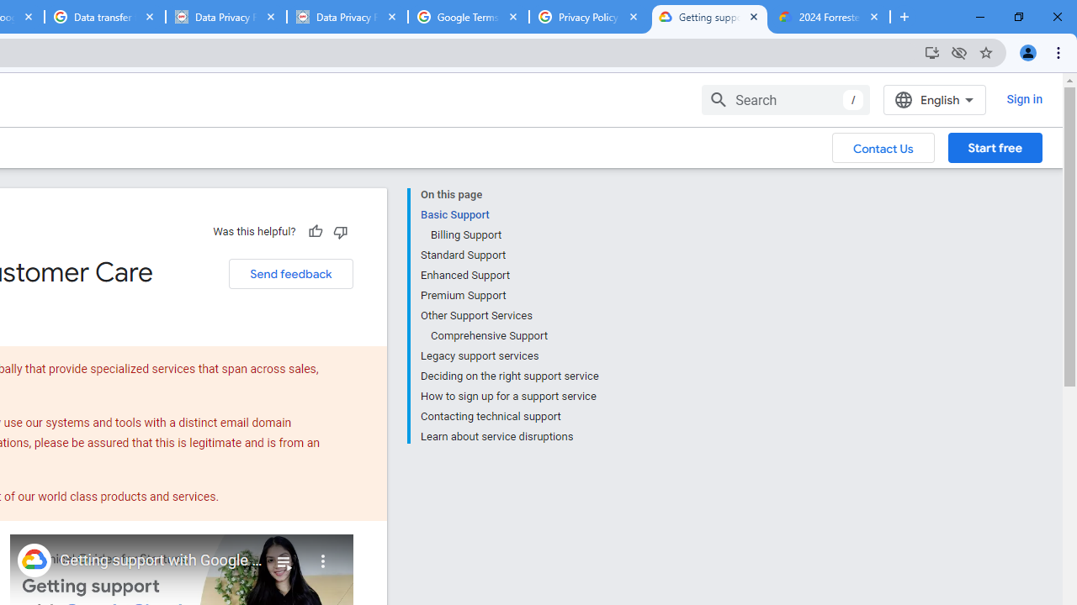 The image size is (1077, 605). Describe the element at coordinates (339, 231) in the screenshot. I see `'Not helpful'` at that location.